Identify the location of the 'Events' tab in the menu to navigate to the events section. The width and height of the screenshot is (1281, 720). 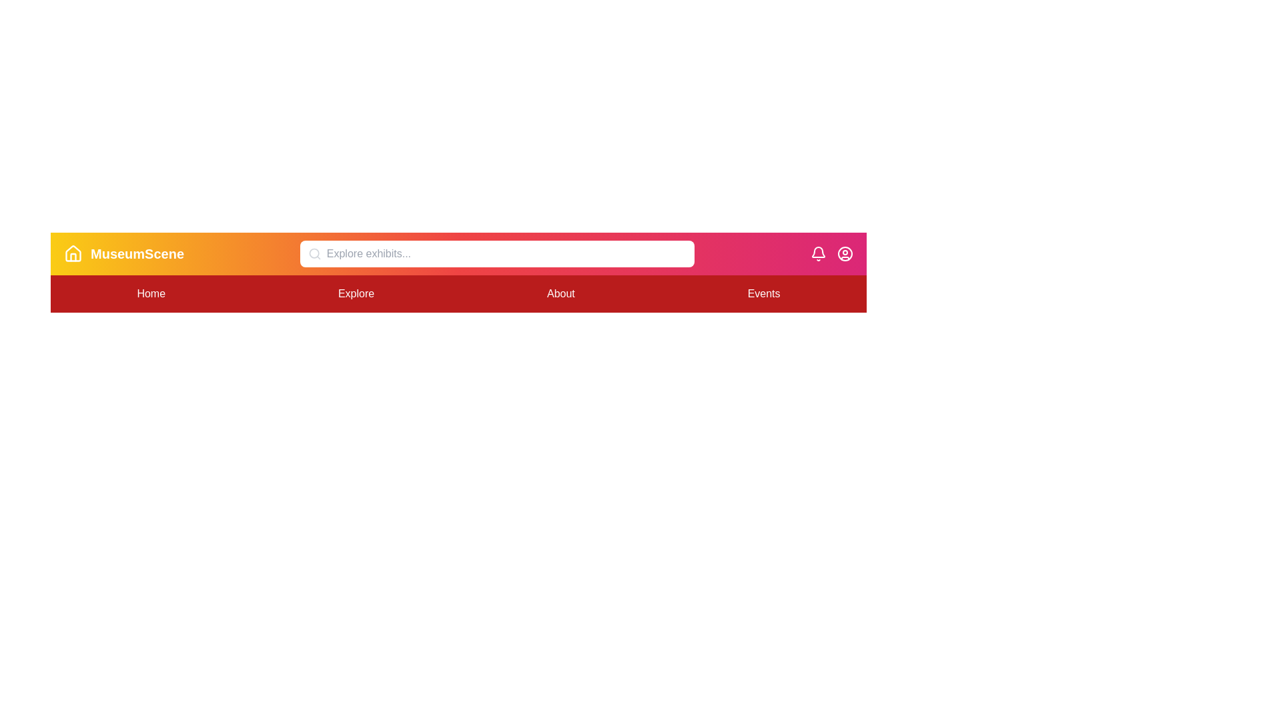
(764, 293).